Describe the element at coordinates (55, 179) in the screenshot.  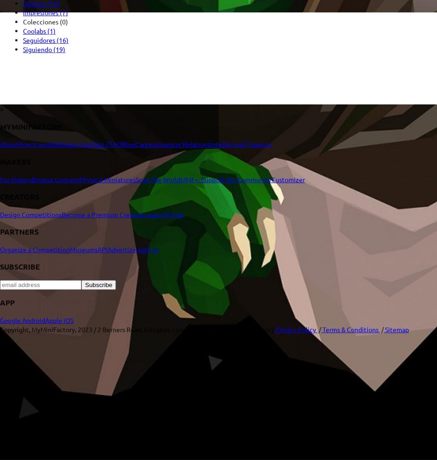
I see `'Browse Content'` at that location.